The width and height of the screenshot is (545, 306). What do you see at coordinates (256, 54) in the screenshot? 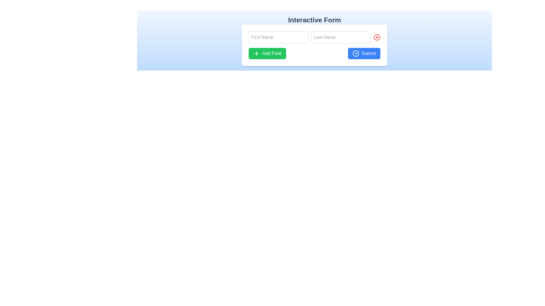
I see `the green button labeled 'Add Field' which contains a white plus sign icon on its left and the text 'Add Field' in white to its right` at bounding box center [256, 54].